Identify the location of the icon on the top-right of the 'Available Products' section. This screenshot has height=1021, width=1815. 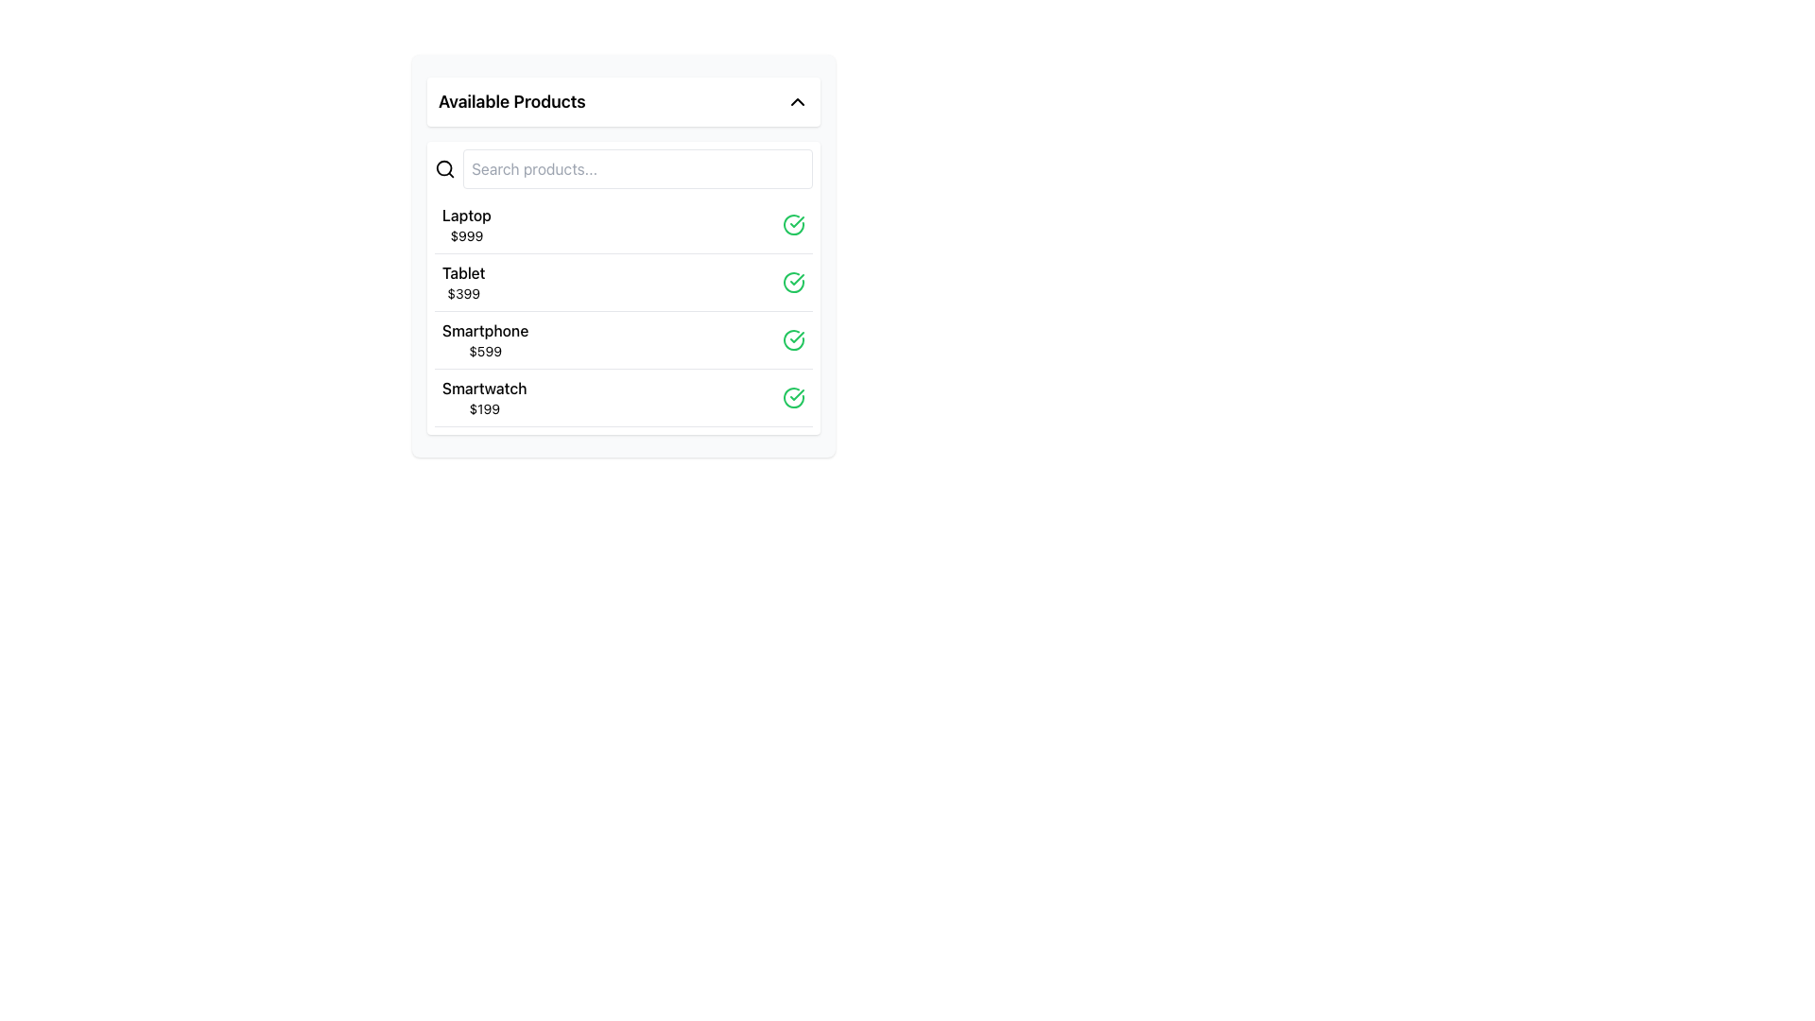
(798, 102).